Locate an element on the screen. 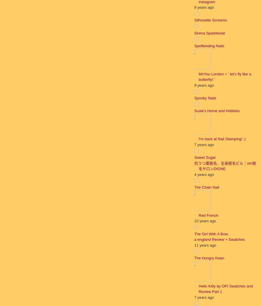 Image resolution: width=261 pixels, height=306 pixels. 'Sirena Sparklestar' is located at coordinates (209, 32).